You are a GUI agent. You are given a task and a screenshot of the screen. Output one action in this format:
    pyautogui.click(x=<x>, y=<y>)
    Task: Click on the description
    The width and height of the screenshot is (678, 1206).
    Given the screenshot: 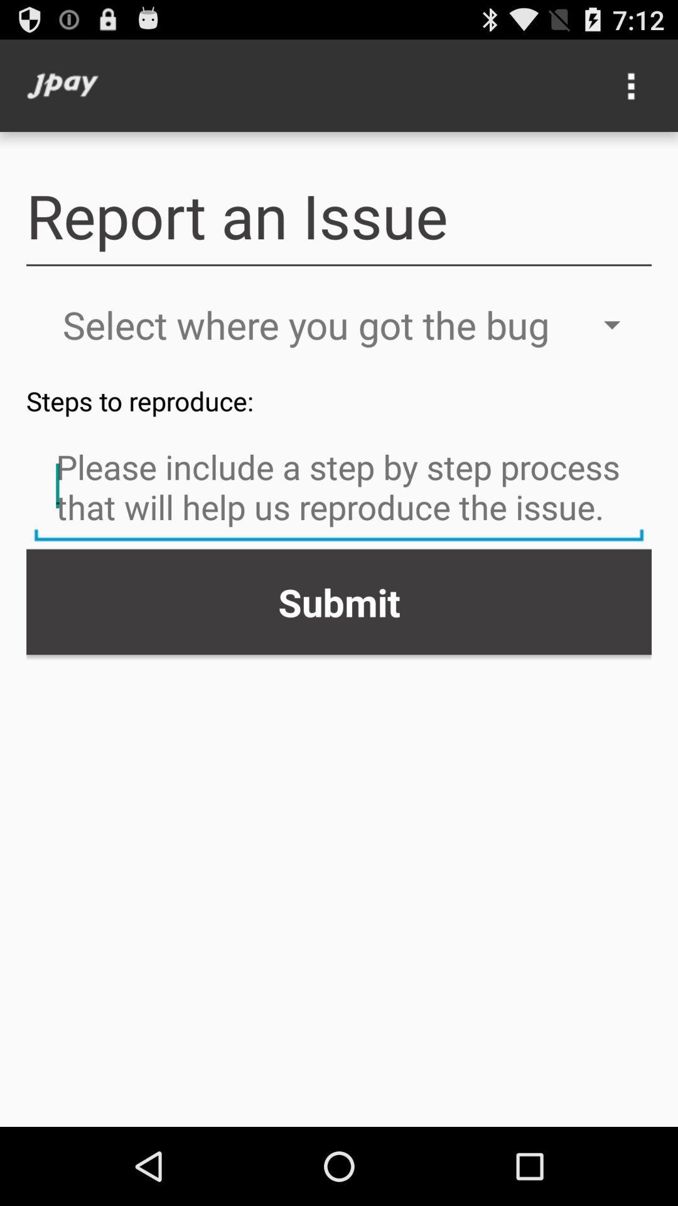 What is the action you would take?
    pyautogui.click(x=339, y=487)
    